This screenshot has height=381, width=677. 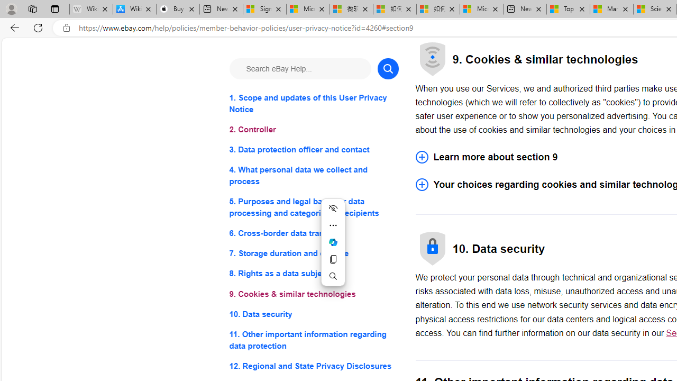 What do you see at coordinates (313, 150) in the screenshot?
I see `'3. Data protection officer and contact'` at bounding box center [313, 150].